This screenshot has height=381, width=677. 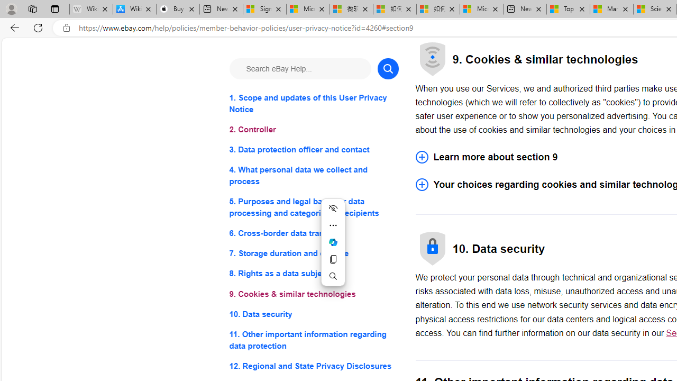 What do you see at coordinates (313, 150) in the screenshot?
I see `'3. Data protection officer and contact'` at bounding box center [313, 150].